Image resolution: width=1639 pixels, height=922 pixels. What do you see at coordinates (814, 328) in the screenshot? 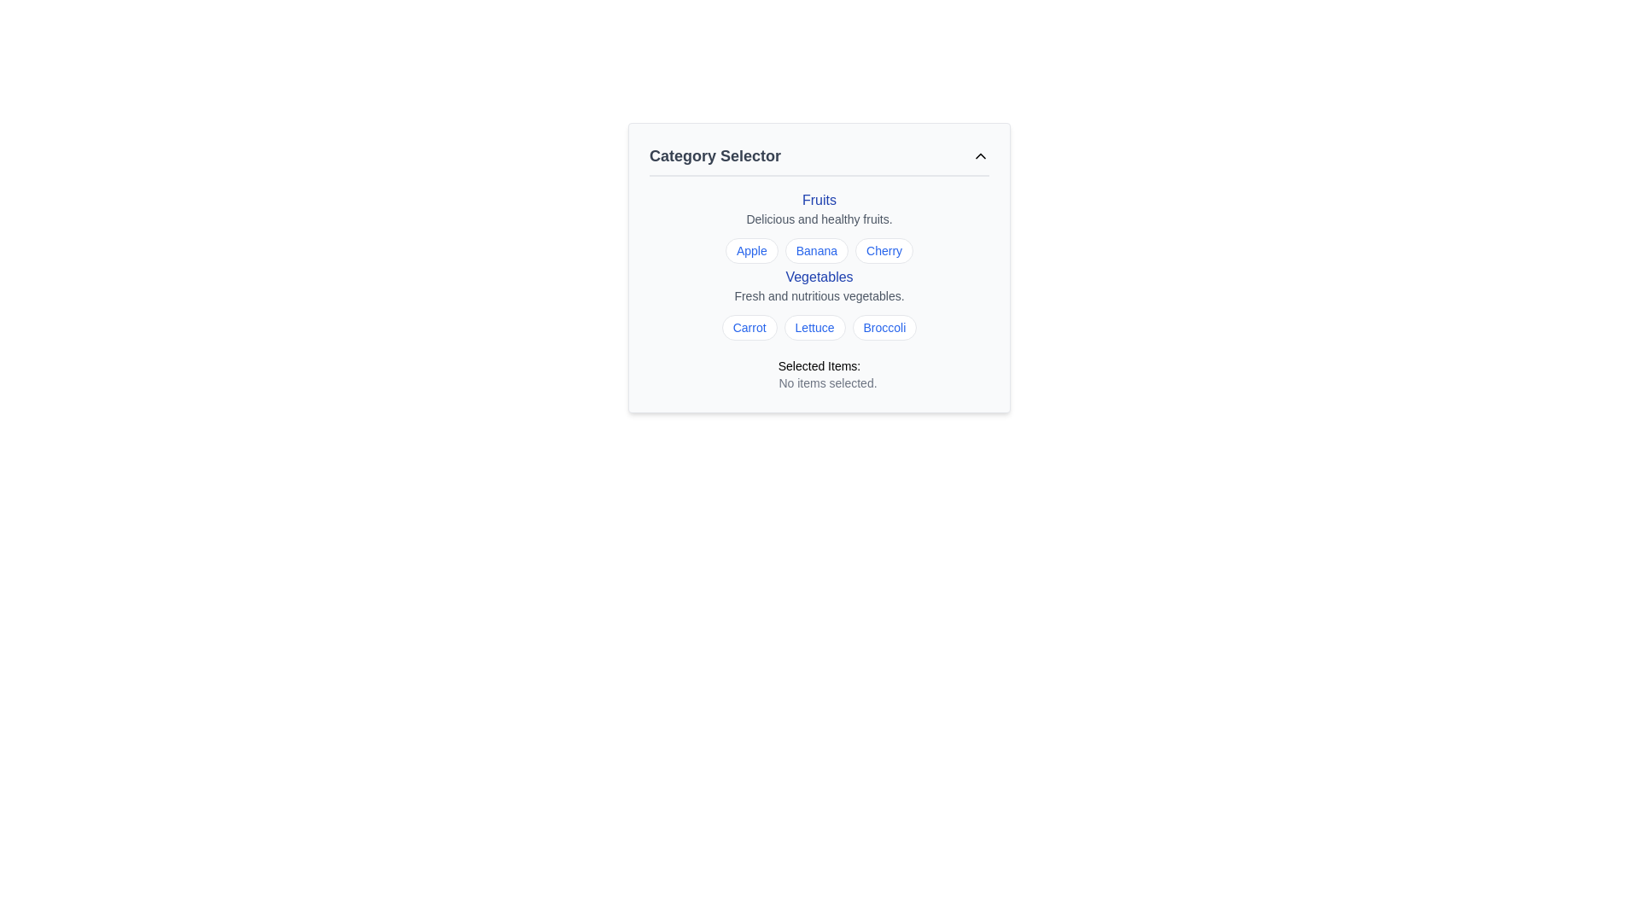
I see `the pill-shaped button labeled 'Lettuce' in blue color` at bounding box center [814, 328].